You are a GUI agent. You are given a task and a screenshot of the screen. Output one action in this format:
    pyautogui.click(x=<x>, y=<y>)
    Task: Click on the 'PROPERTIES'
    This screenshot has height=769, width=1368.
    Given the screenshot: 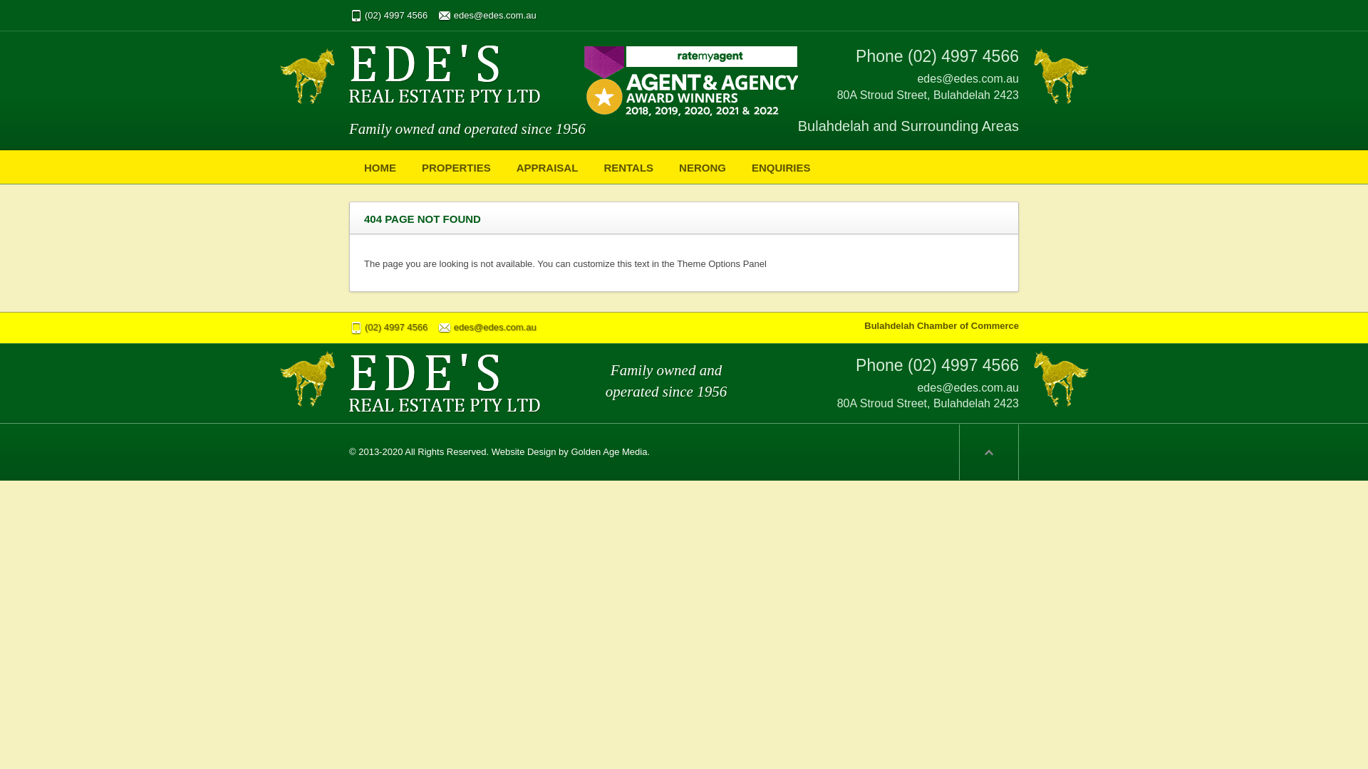 What is the action you would take?
    pyautogui.click(x=456, y=166)
    